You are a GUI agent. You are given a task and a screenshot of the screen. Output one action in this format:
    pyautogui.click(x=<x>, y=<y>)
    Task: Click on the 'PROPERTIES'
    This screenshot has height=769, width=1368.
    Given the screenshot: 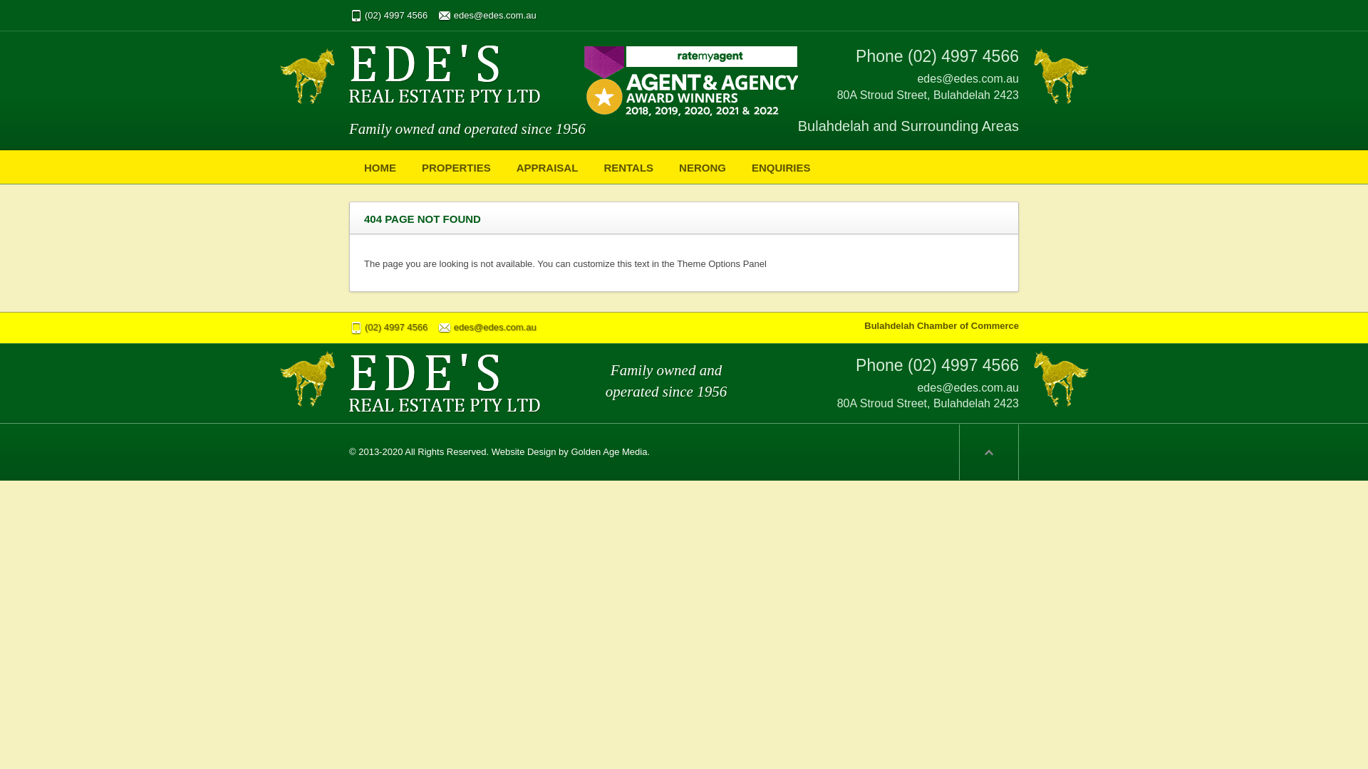 What is the action you would take?
    pyautogui.click(x=456, y=166)
    